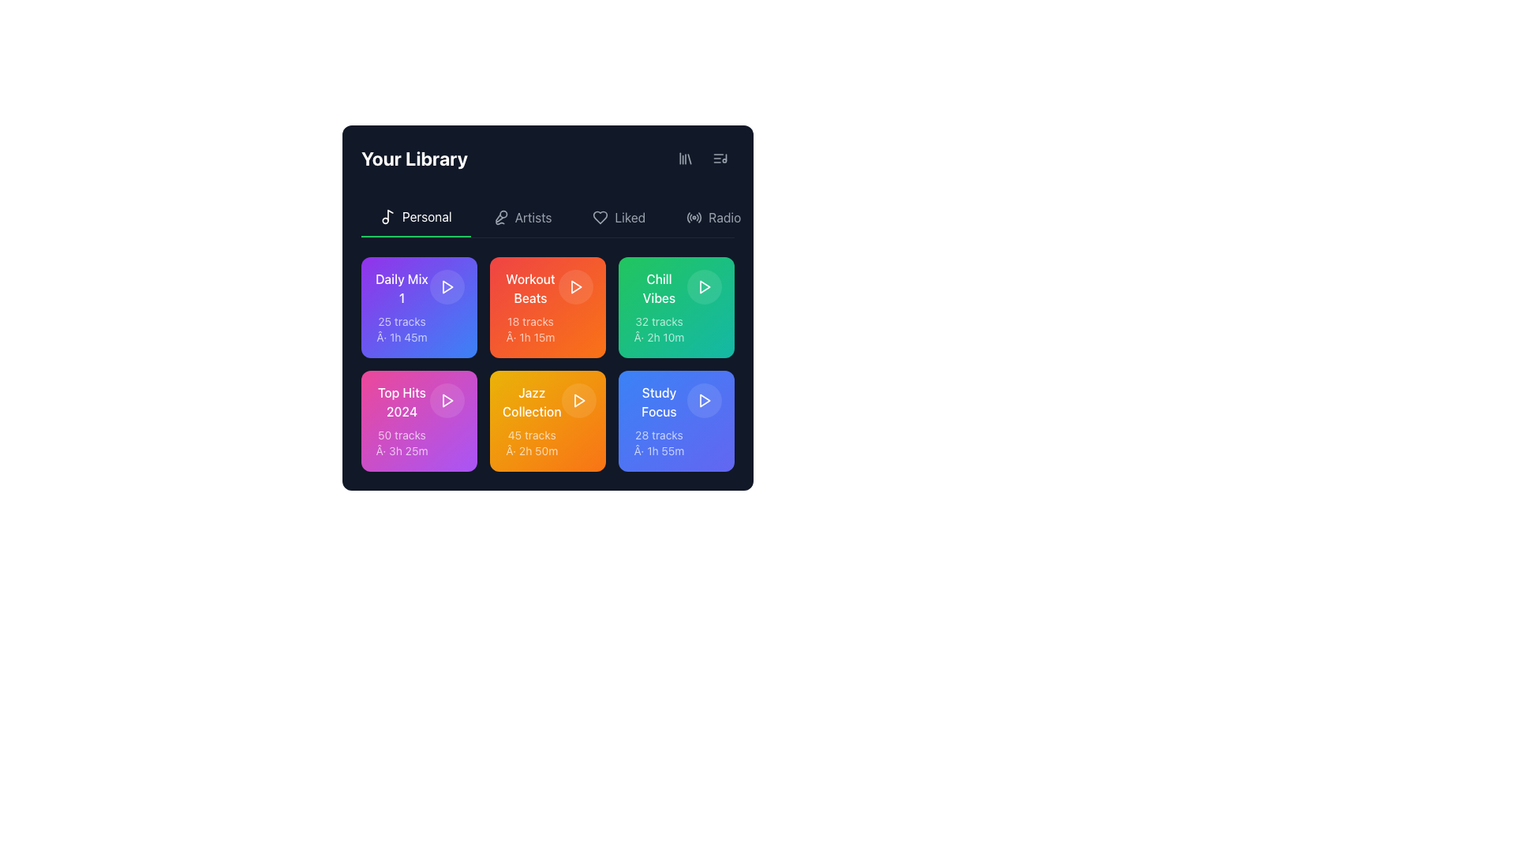 The image size is (1515, 852). I want to click on the information of the 'Daily Mix 1' playlist card located in the top-left corner of 'Your Library', so click(419, 307).